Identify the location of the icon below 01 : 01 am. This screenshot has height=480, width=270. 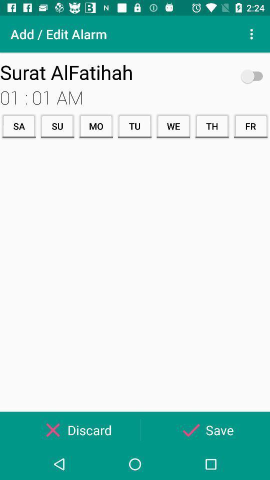
(134, 125).